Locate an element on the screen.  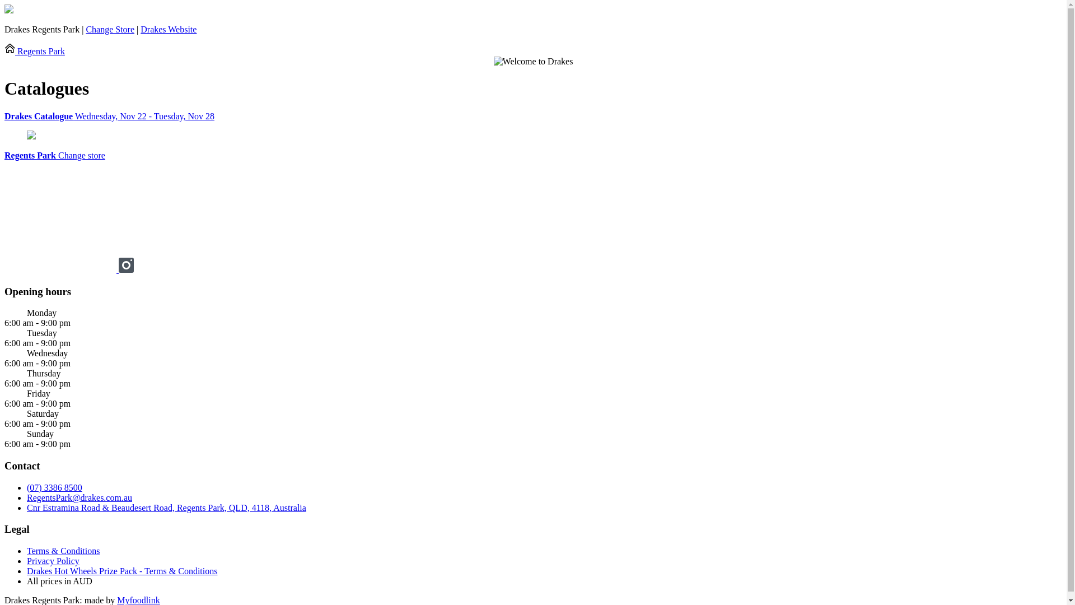
'Drakes Hot Wheels Prize Pack - Terms & Conditions' is located at coordinates (121, 571).